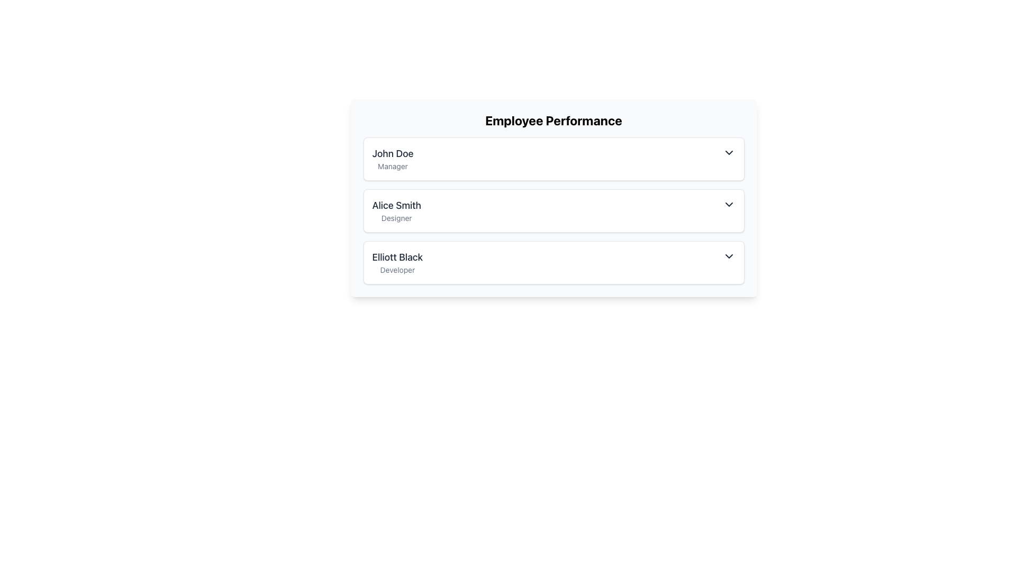 This screenshot has width=1016, height=571. Describe the element at coordinates (396, 210) in the screenshot. I see `the Text Display element that shows 'Alice Smith' as a 'Designer', which is the second item in the employee list` at that location.